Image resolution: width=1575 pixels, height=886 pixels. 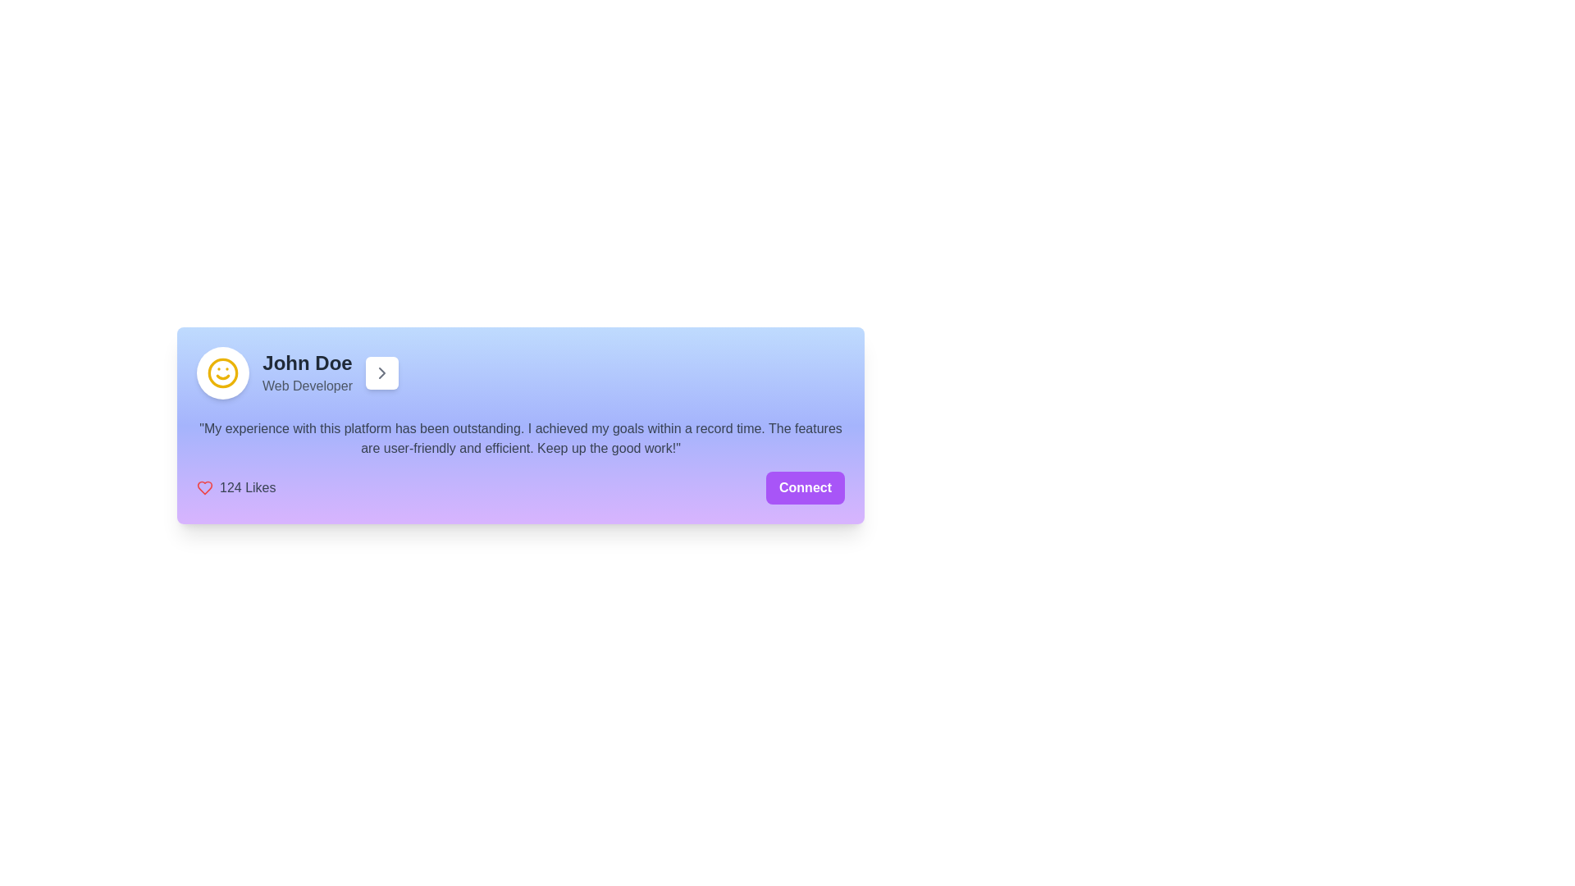 What do you see at coordinates (203, 486) in the screenshot?
I see `the heart-shaped SVG icon with a red fill color located at the bottom left of the card component` at bounding box center [203, 486].